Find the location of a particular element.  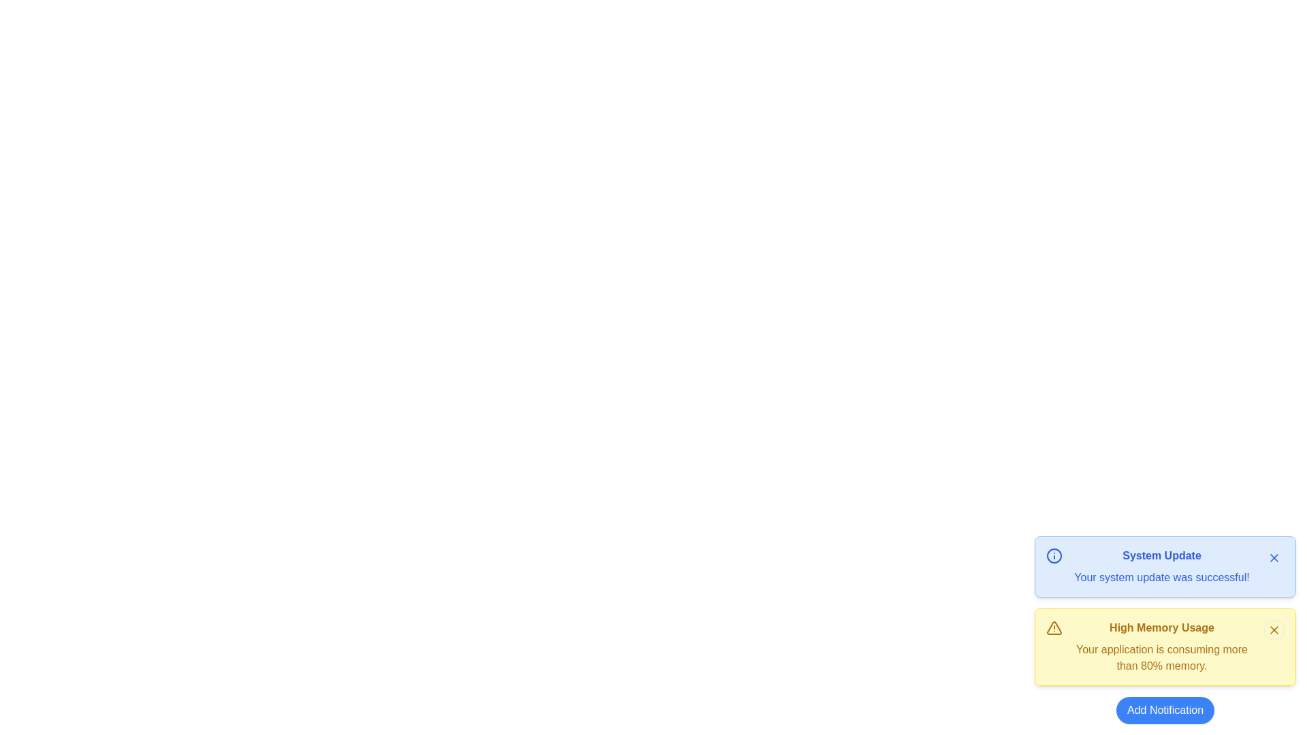

the bold, blue text label that reads 'System Update', which is located at the top of the notification panel is located at coordinates (1161, 556).